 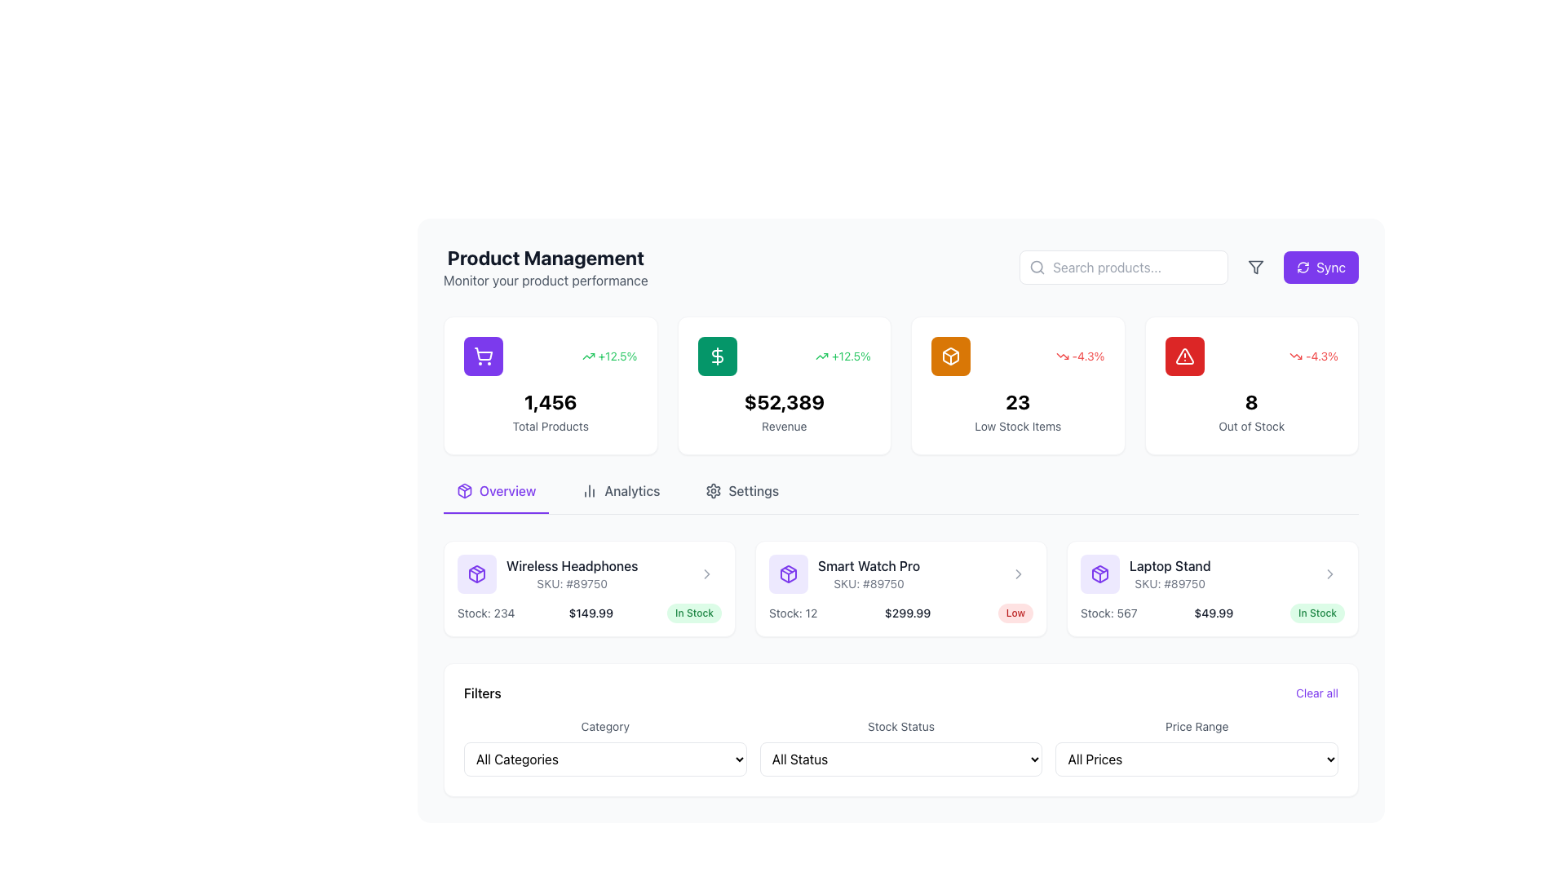 I want to click on the green text label displaying '+12.5%' located to the right of the currency icon in the top row of metrics within the 'Revenue' card, so click(x=608, y=355).